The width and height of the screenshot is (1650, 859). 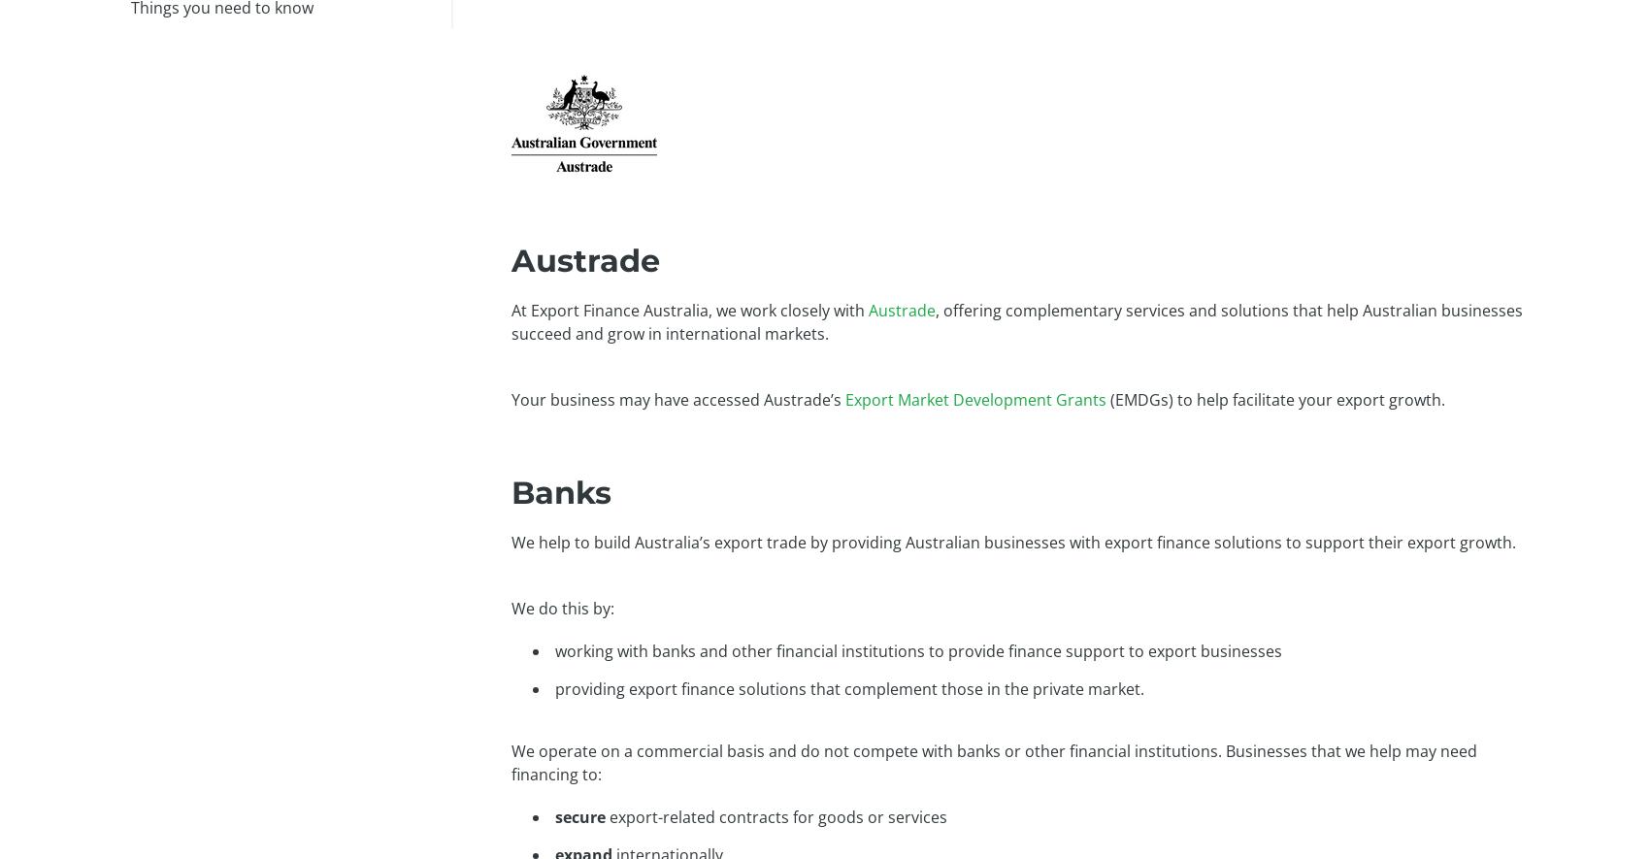 What do you see at coordinates (1260, 414) in the screenshot?
I see `'Information Publication Scheme Agency Plan'` at bounding box center [1260, 414].